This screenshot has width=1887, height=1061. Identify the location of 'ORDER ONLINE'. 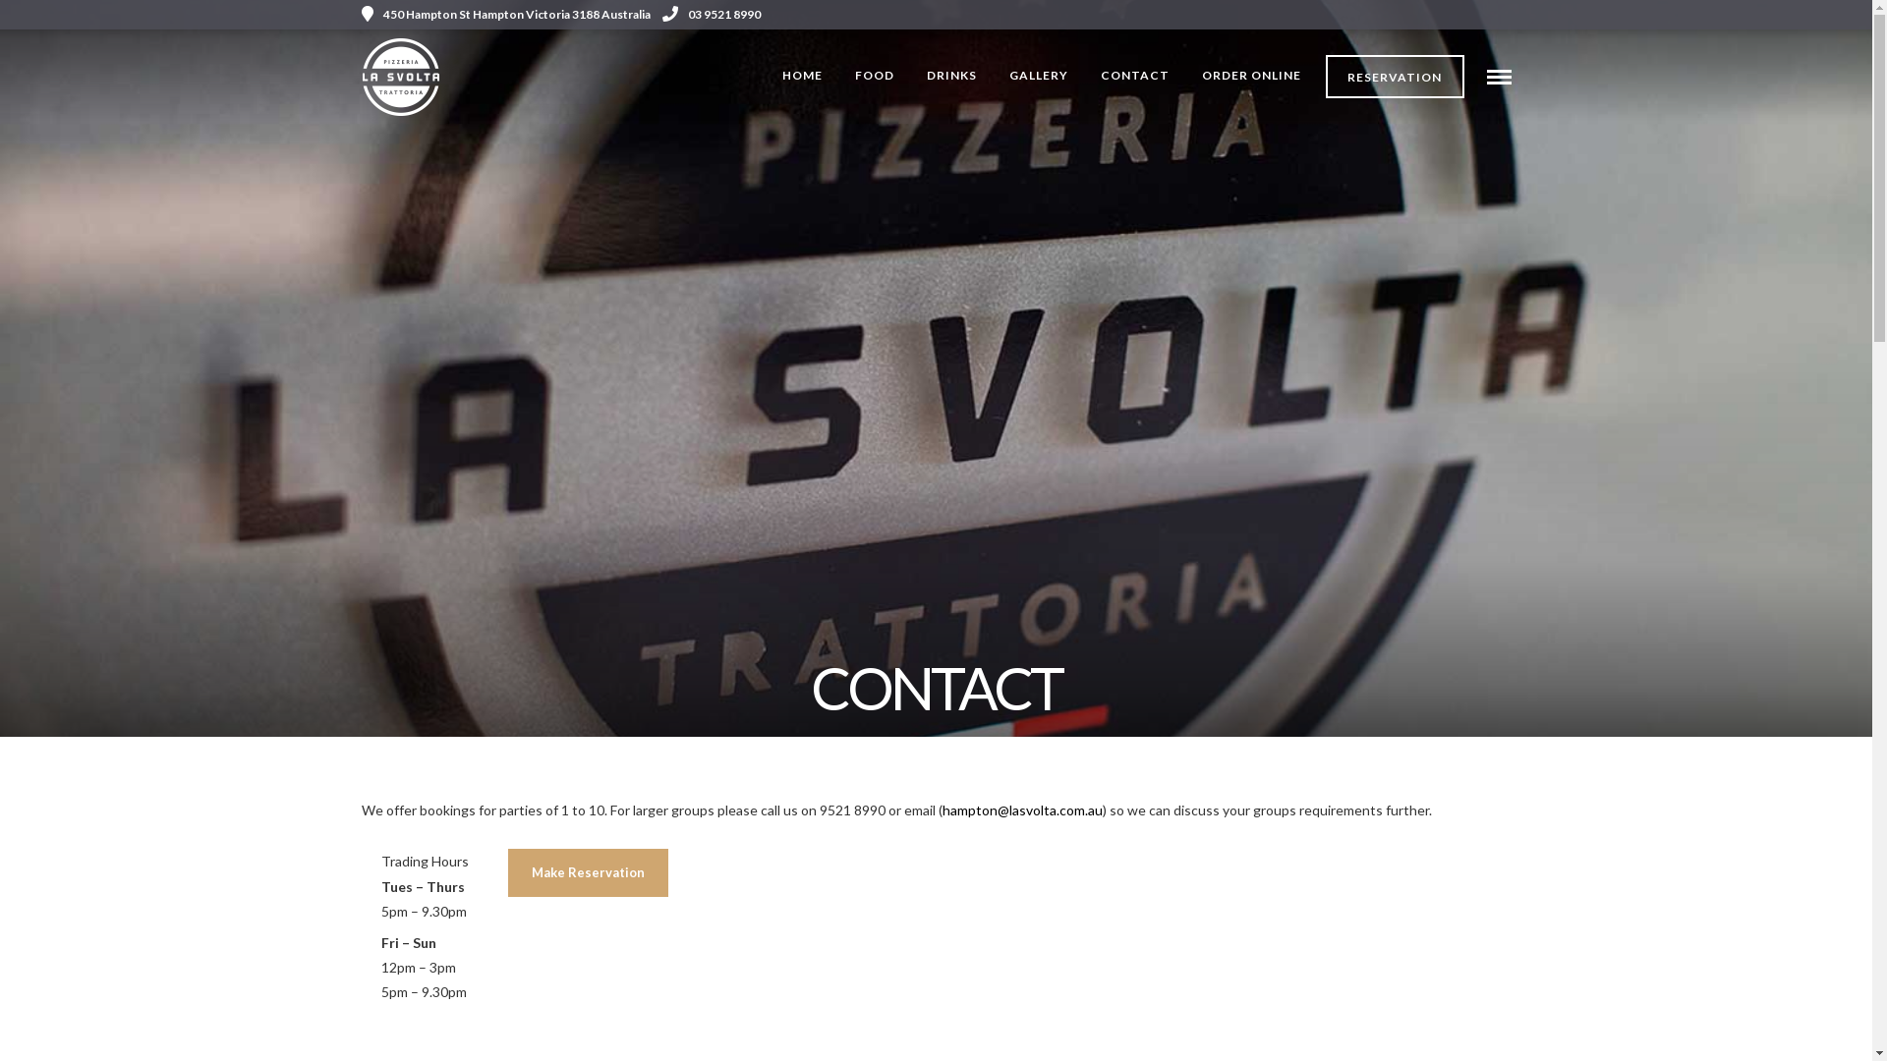
(1250, 75).